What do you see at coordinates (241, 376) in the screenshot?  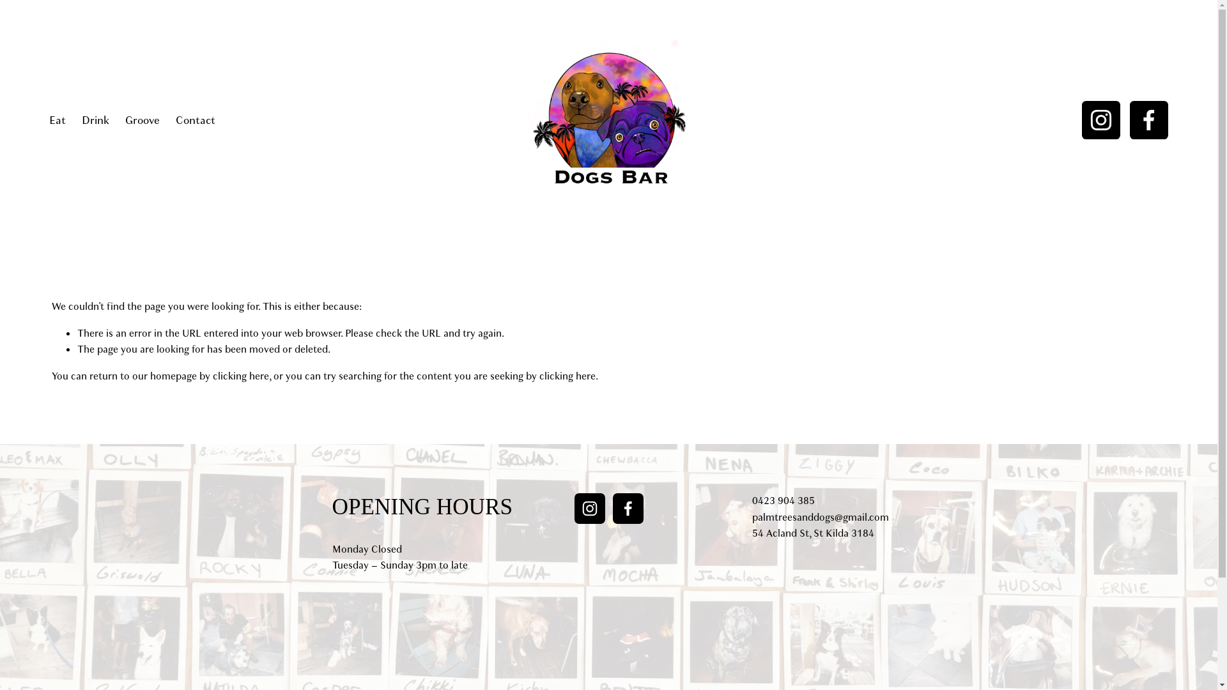 I see `'clicking here'` at bounding box center [241, 376].